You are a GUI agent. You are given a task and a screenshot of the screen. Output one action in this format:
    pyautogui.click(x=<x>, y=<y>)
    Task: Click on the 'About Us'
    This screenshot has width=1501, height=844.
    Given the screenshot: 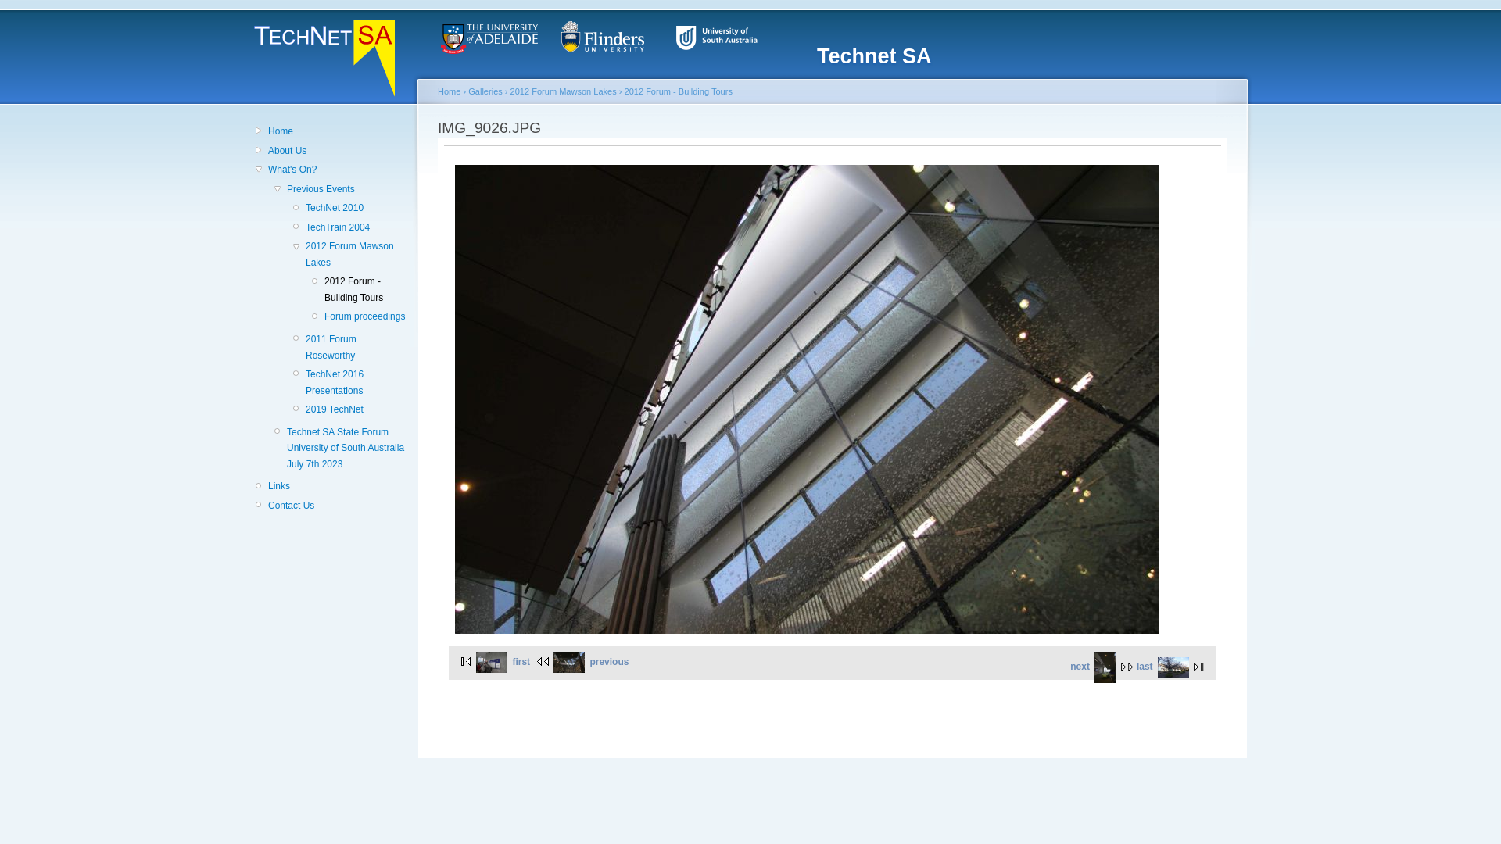 What is the action you would take?
    pyautogui.click(x=336, y=150)
    